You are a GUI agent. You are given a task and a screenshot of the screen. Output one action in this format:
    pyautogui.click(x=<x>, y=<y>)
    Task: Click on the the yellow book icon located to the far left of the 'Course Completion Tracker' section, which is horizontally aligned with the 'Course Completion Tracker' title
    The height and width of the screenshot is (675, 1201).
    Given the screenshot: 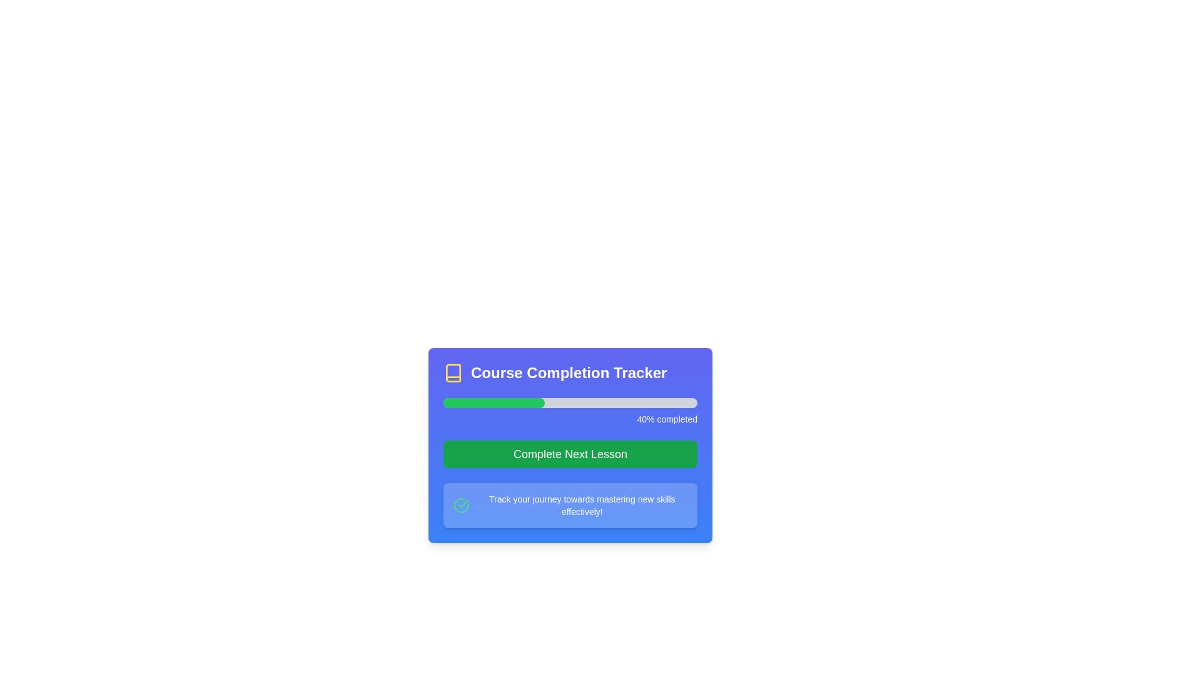 What is the action you would take?
    pyautogui.click(x=452, y=372)
    